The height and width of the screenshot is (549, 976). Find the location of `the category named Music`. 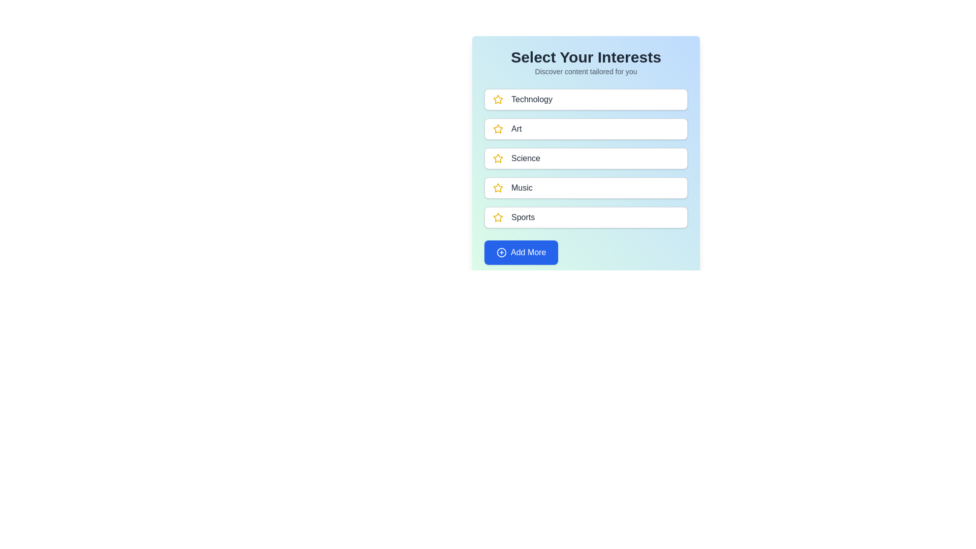

the category named Music is located at coordinates (586, 188).